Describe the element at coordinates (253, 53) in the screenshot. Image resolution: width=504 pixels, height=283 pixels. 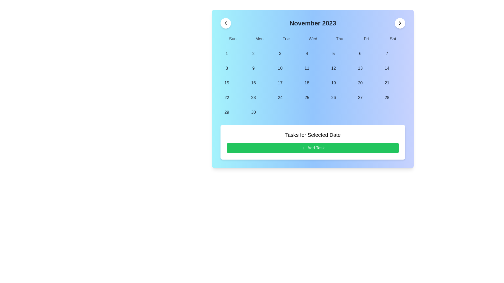
I see `the clickable calendar date button labeled '2'` at that location.